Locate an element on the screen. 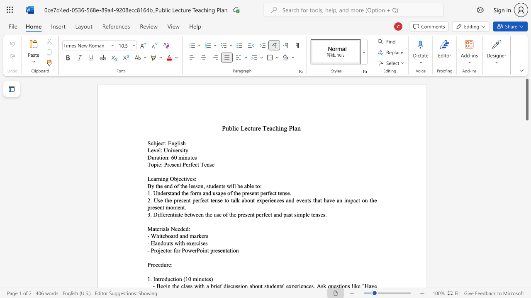 The width and height of the screenshot is (531, 298). the 1th character "d" in the text is located at coordinates (162, 264).